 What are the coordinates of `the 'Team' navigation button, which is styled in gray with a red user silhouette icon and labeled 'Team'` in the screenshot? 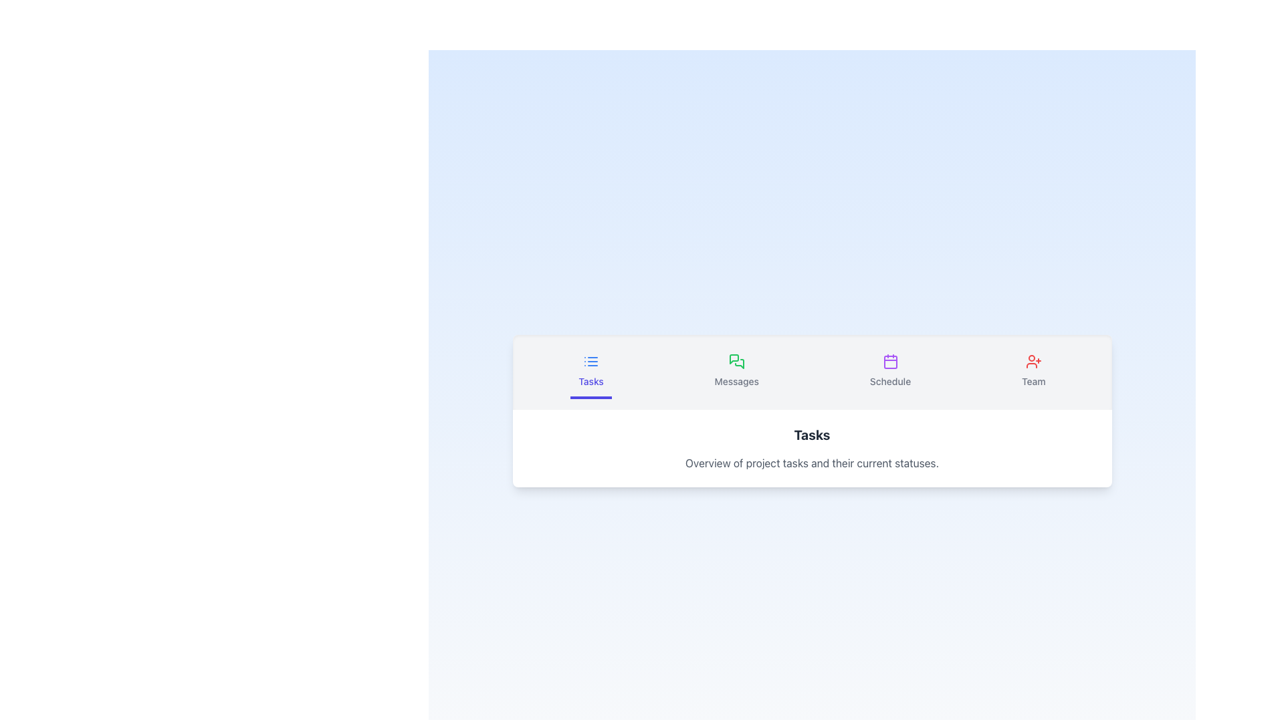 It's located at (1033, 372).